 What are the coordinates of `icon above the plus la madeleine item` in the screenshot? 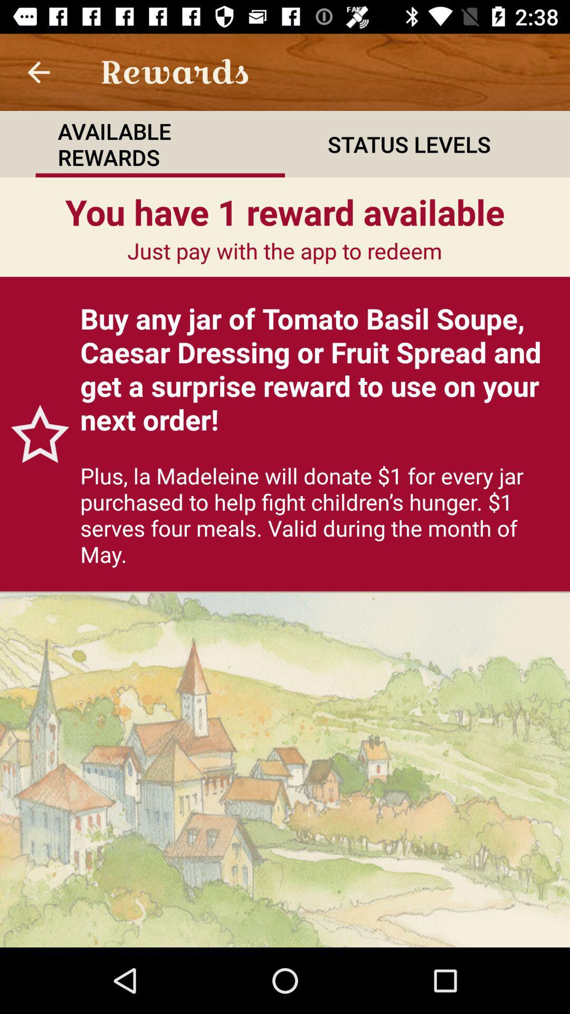 It's located at (319, 369).